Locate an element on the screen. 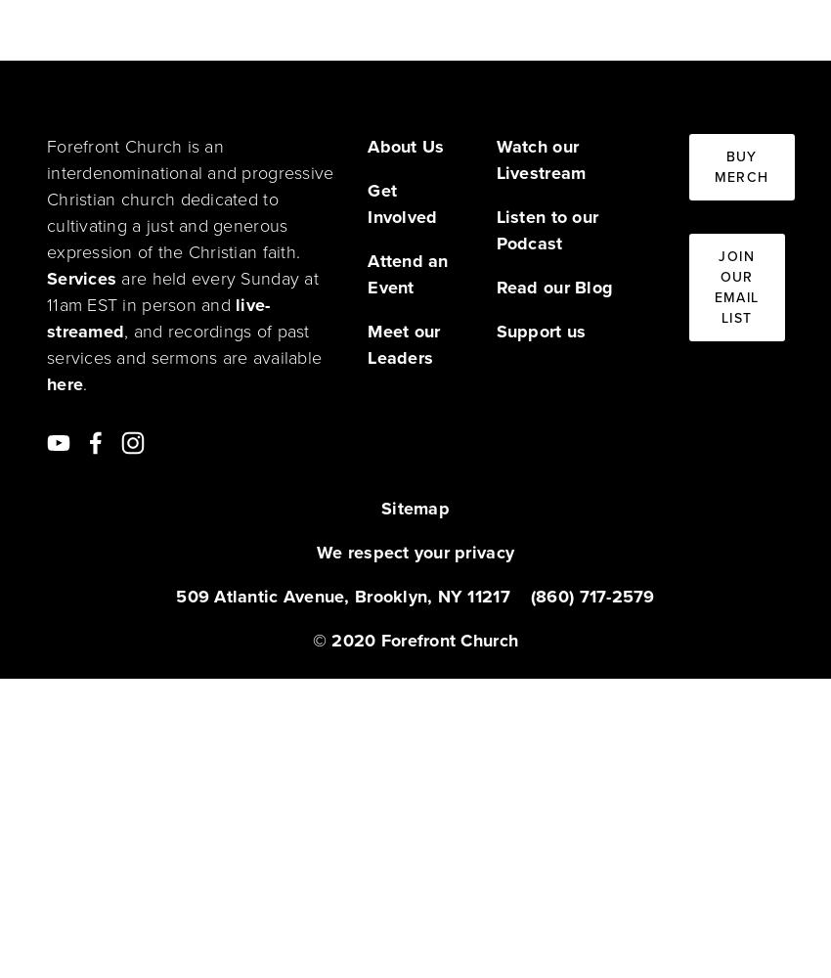 This screenshot has width=831, height=978. 'We respect your privacy' is located at coordinates (415, 552).